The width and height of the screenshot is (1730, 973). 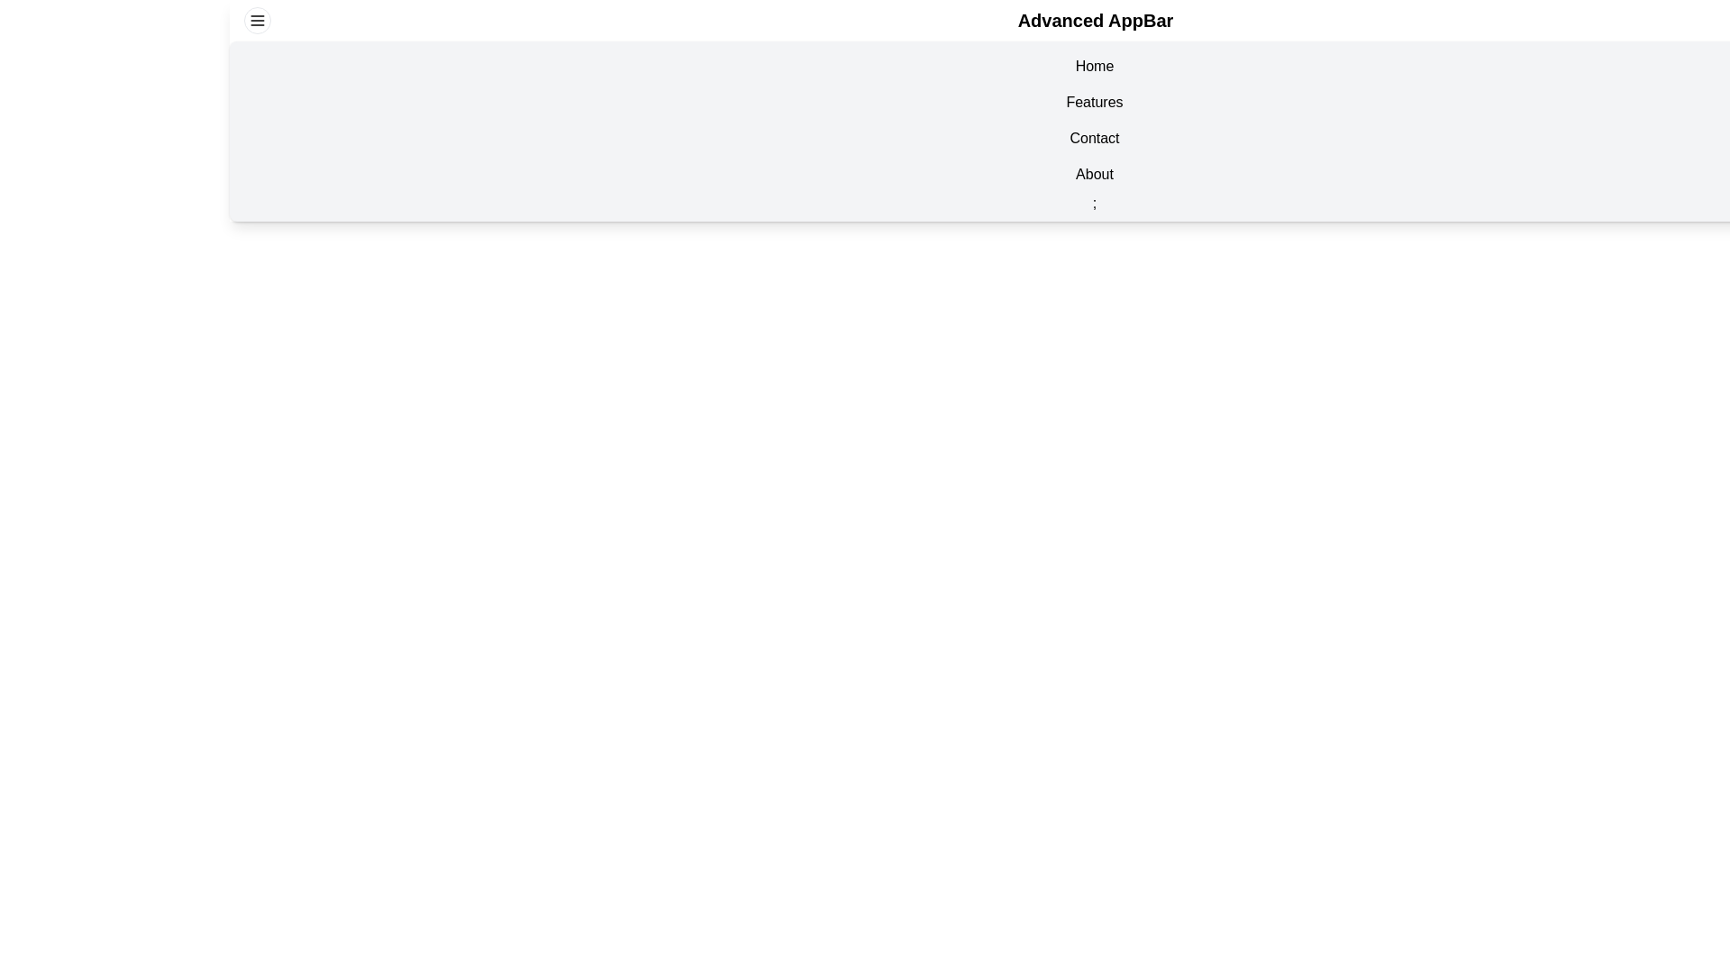 I want to click on the navigation item Features in the EnhancedAppBar, so click(x=1093, y=103).